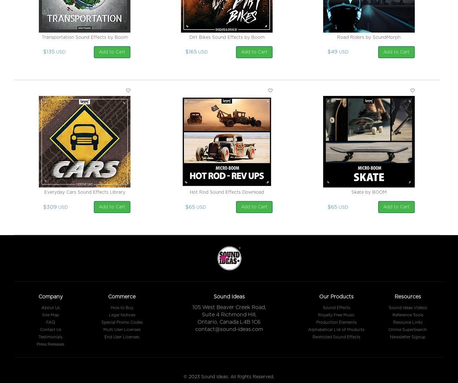 Image resolution: width=458 pixels, height=383 pixels. Describe the element at coordinates (43, 207) in the screenshot. I see `'$309'` at that location.